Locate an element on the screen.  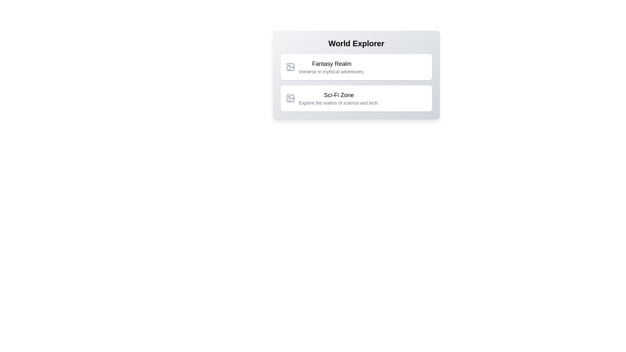
the small, iconographic image placeholder located in the left segment of the 'Fantasy Realm' card, which features a rounded square outline and a circular shape in the top left corner is located at coordinates (290, 67).